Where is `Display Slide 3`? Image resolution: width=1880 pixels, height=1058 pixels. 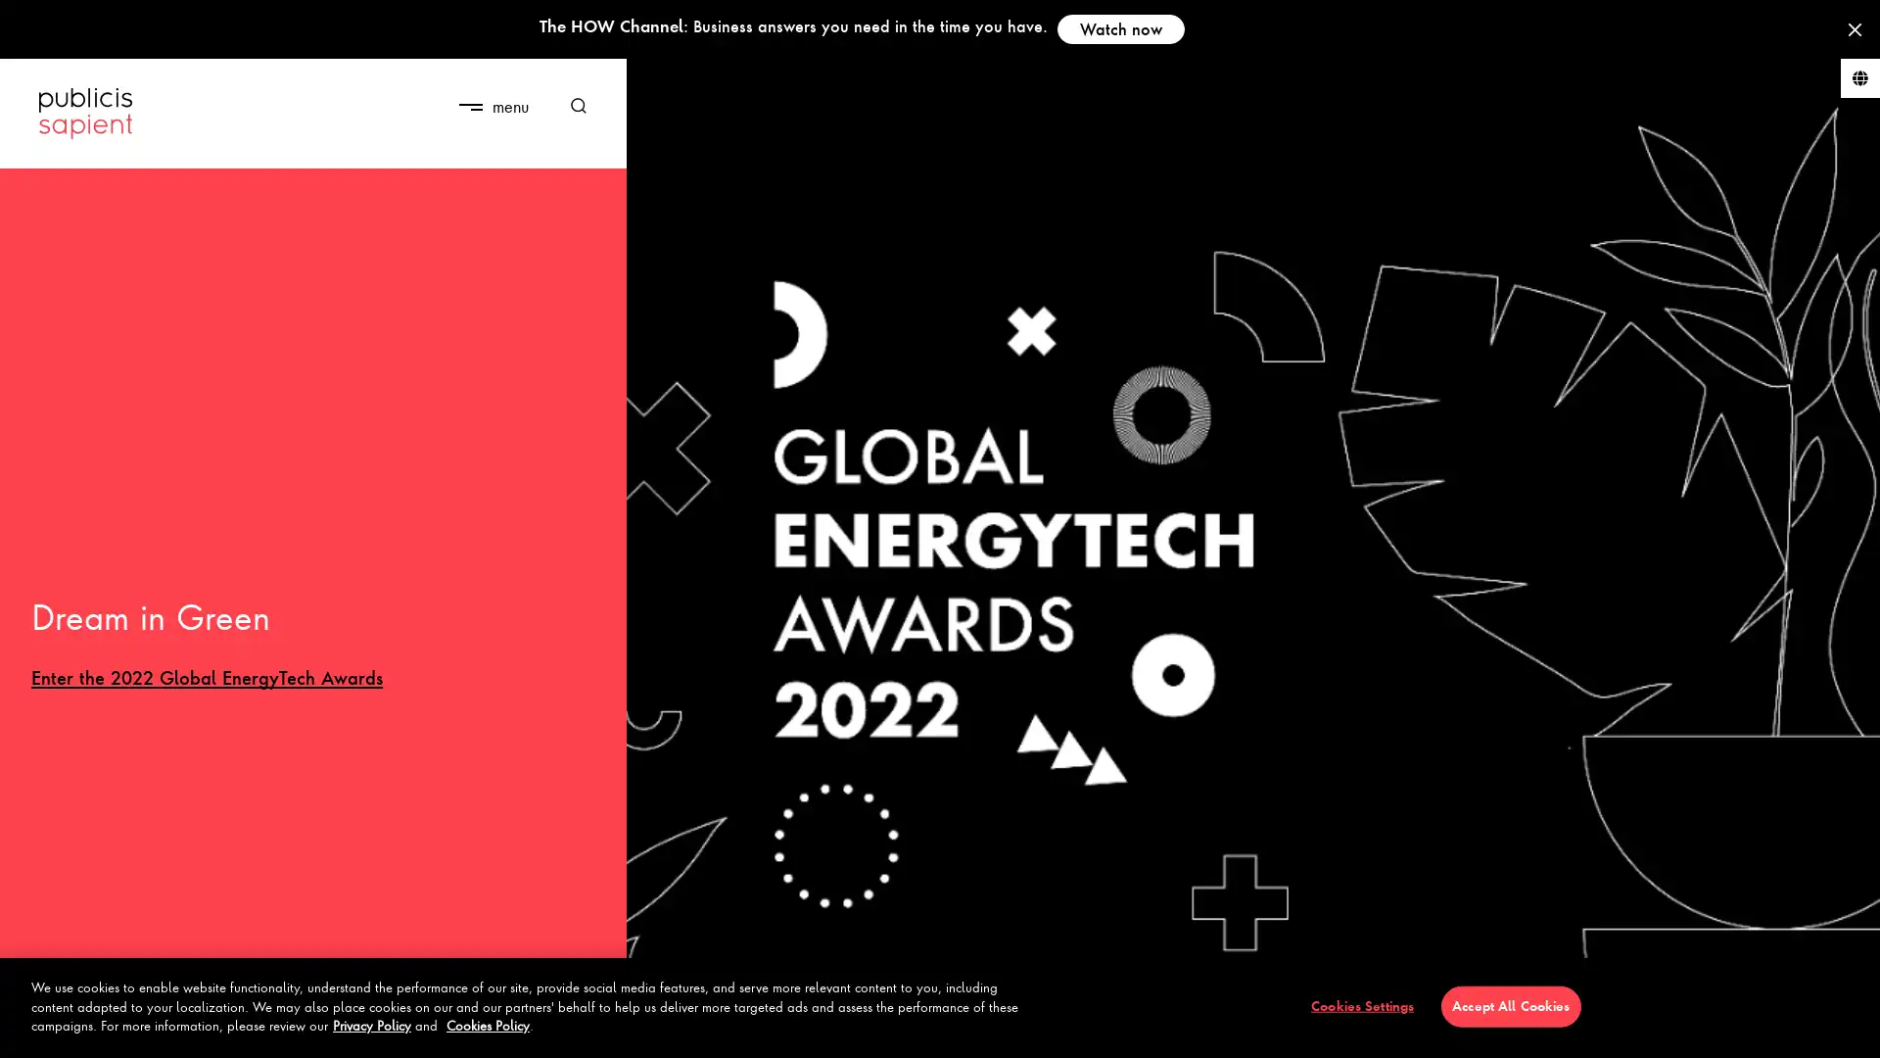
Display Slide 3 is located at coordinates (117, 1031).